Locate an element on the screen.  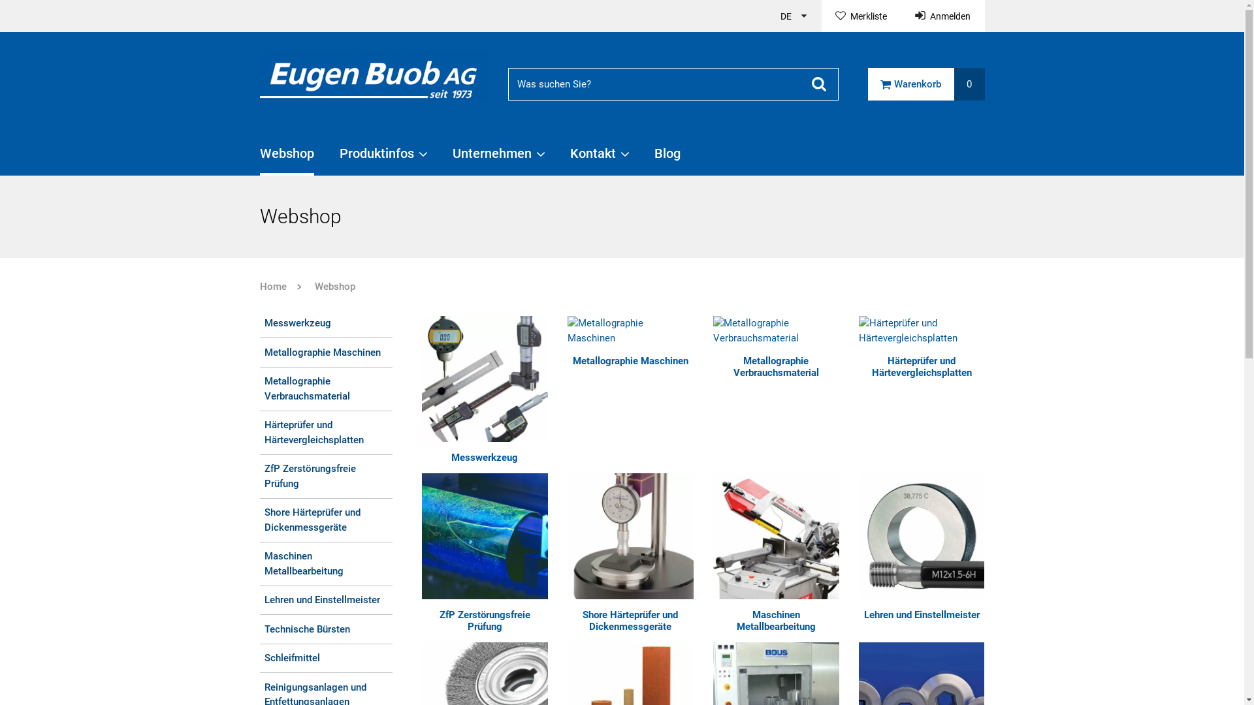
'0' is located at coordinates (969, 84).